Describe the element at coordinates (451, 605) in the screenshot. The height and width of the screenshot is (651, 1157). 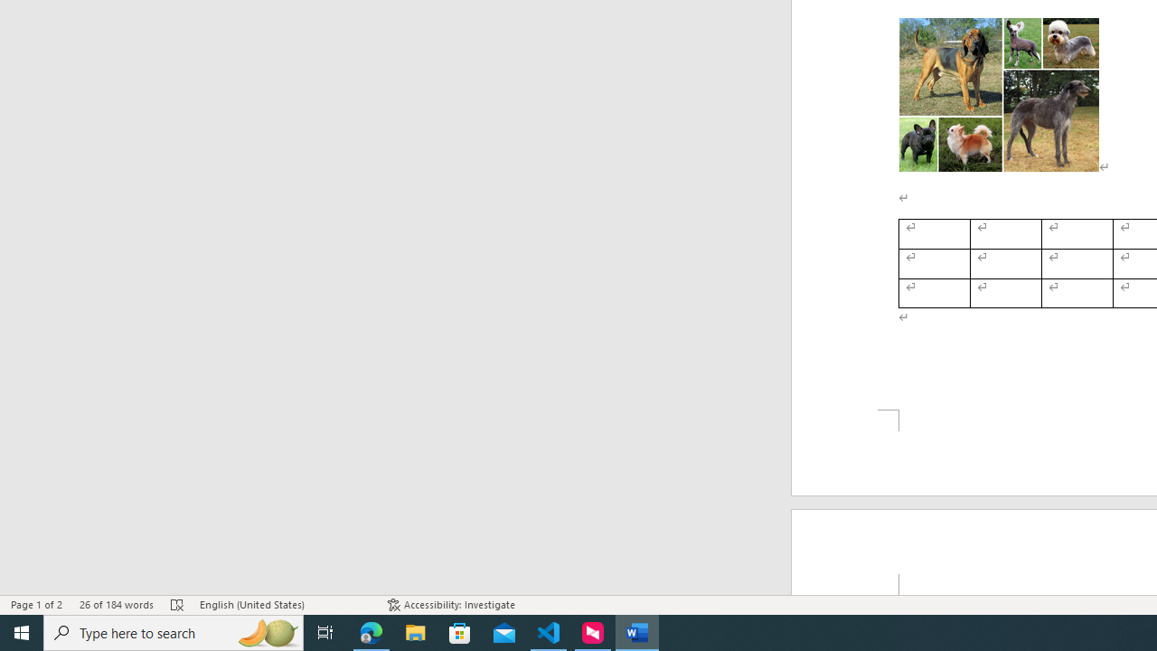
I see `'Accessibility Checker Accessibility: Investigate'` at that location.